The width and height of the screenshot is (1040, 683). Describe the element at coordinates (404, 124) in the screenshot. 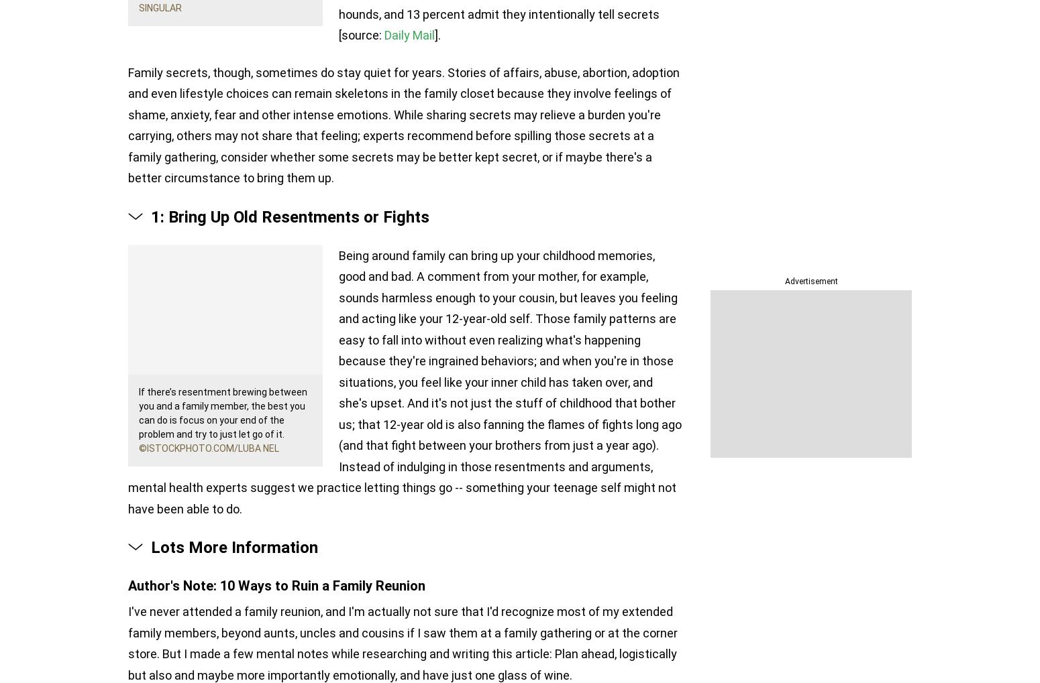

I see `'Family secrets, though, sometimes do stay quiet for years. Stories of affairs, abuse, abortion, adoption and even lifestyle choices can remain skeletons in the family closet because they involve feelings of shame, anxiety, fear and other intense emotions. While sharing secrets may relieve a burden you're carrying, others may not share that feeling; experts recommend before spilling those secrets at a family gathering, consider whether some secrets may be better kept secret, or if maybe there's a better circumstance to bring them up.'` at that location.